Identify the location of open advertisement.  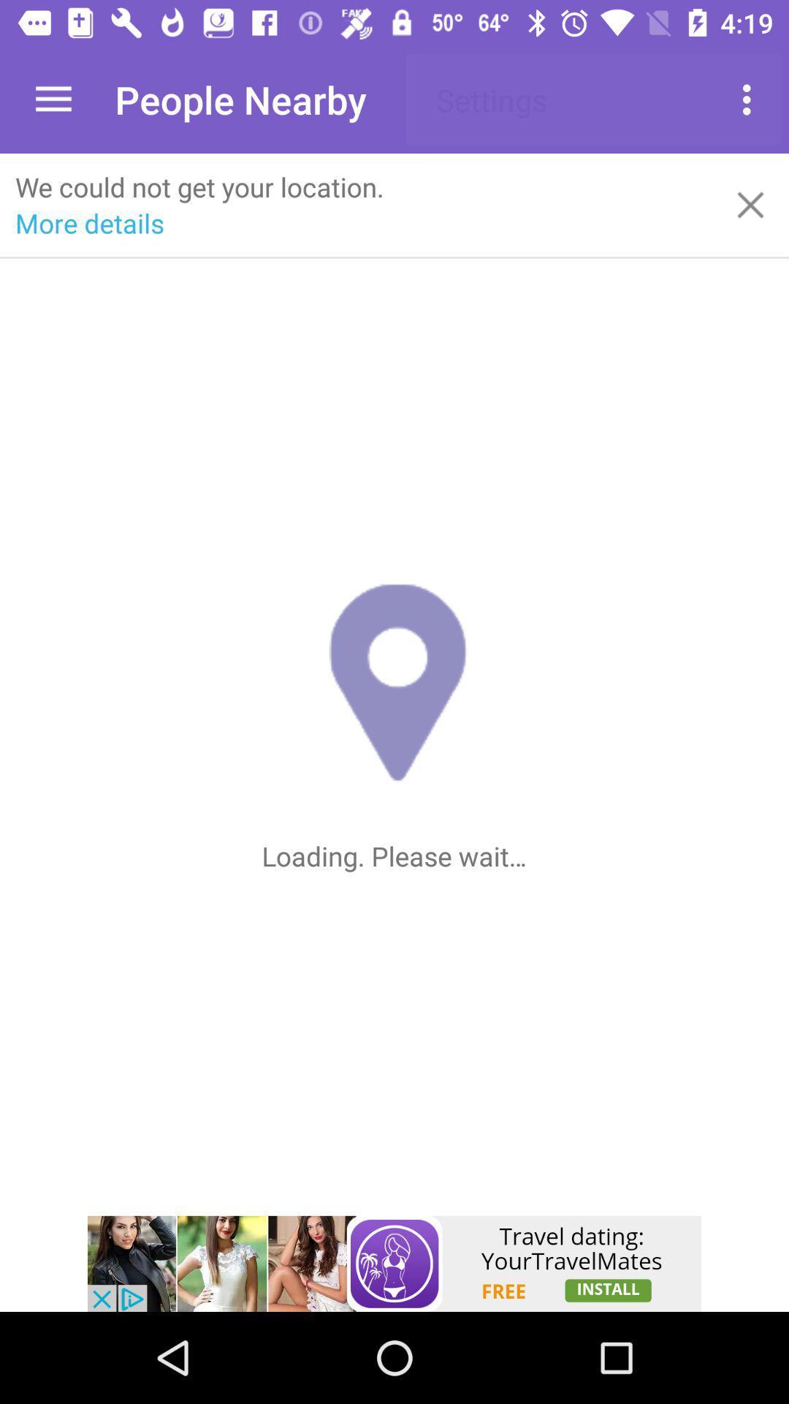
(394, 1263).